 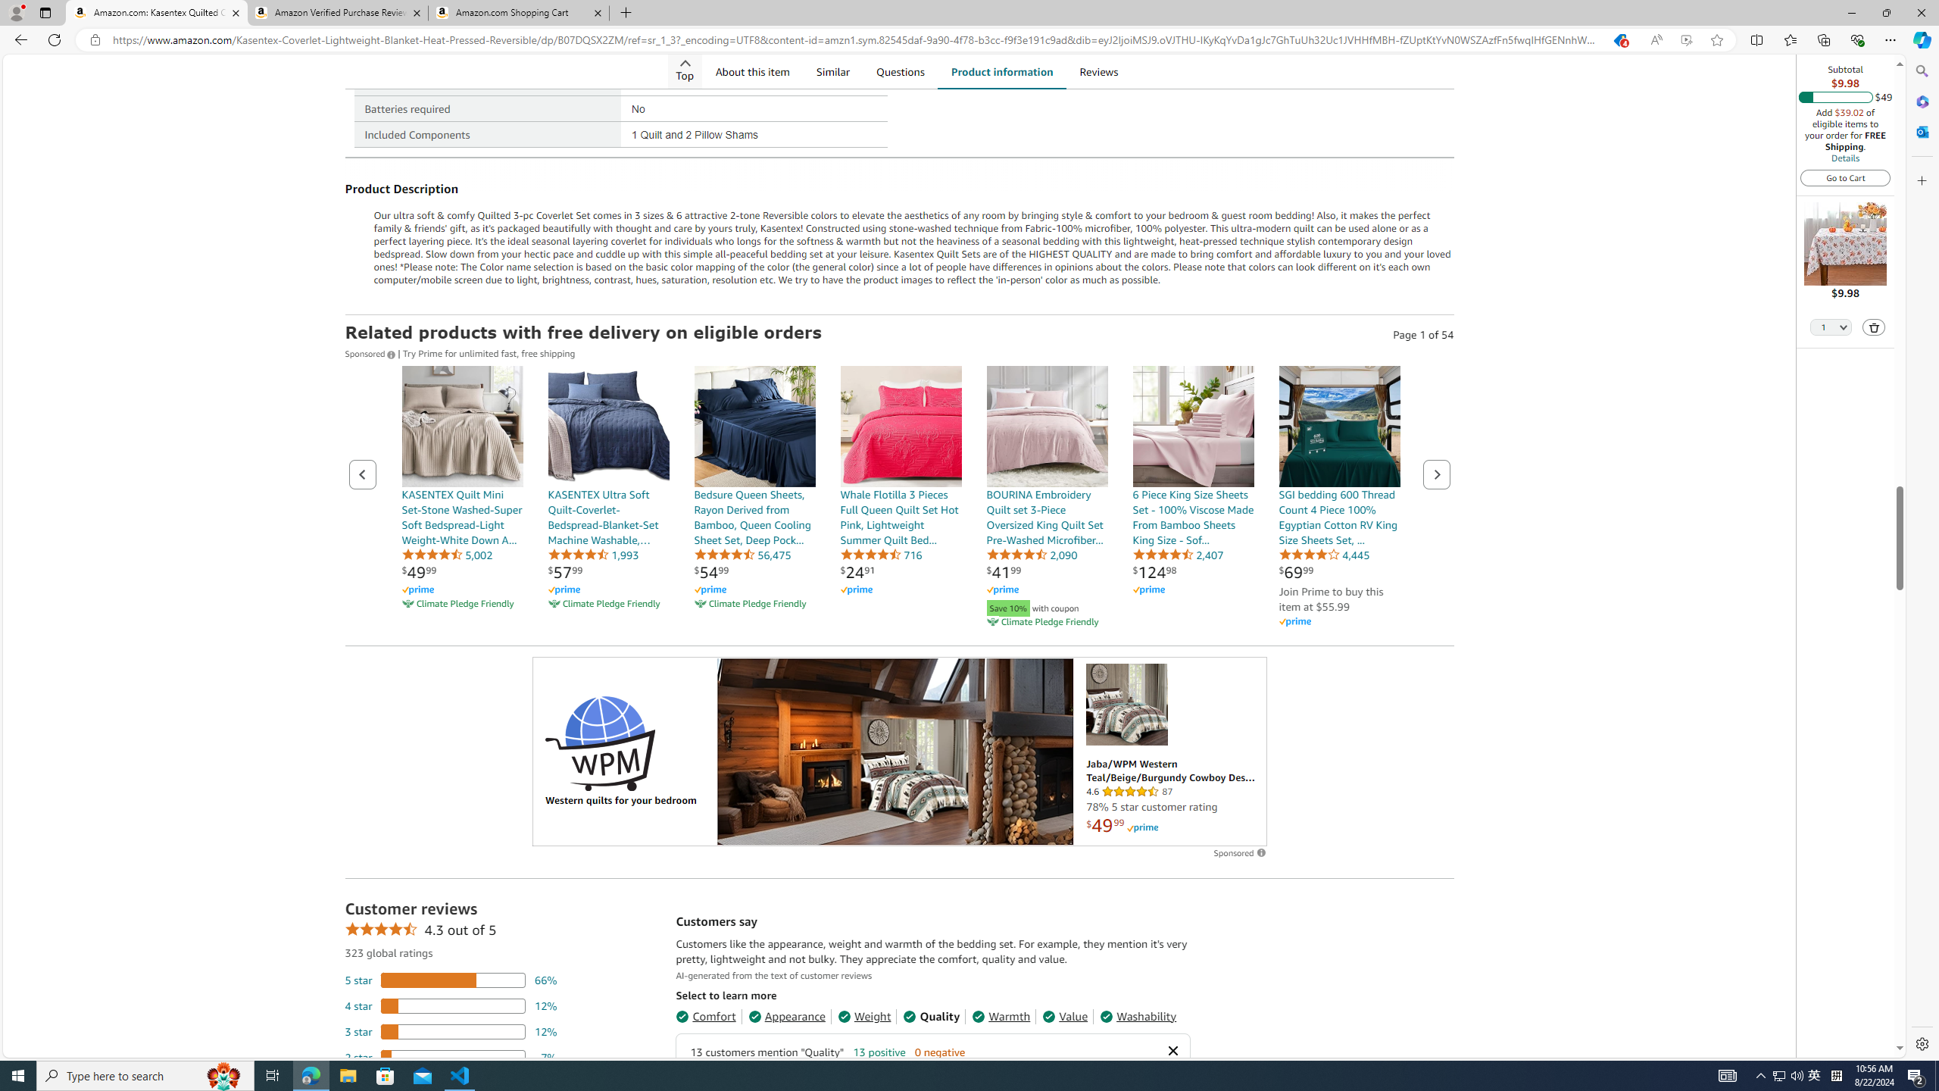 I want to click on '66 percent of reviews have 5 stars', so click(x=451, y=979).